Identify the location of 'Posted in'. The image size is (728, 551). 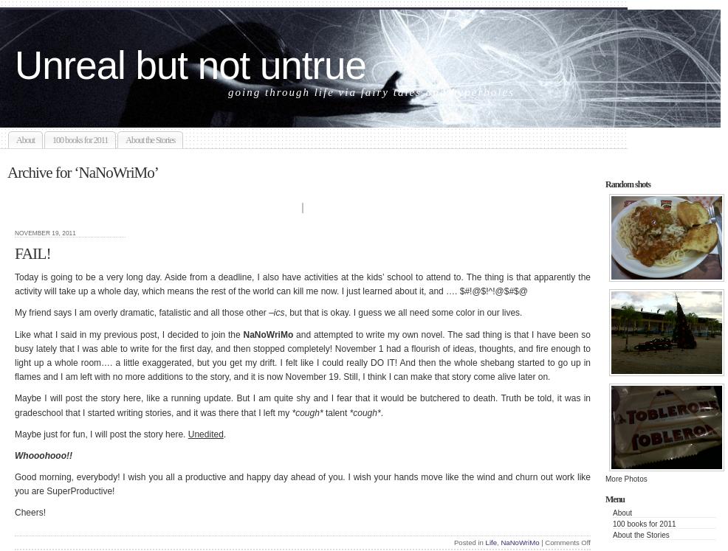
(469, 541).